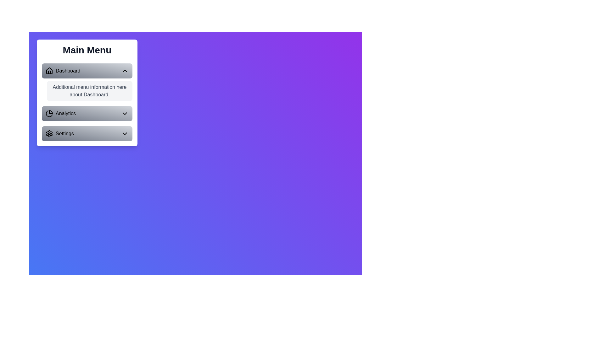  What do you see at coordinates (49, 114) in the screenshot?
I see `the leftmost icon representing the Analytics section of the main menu` at bounding box center [49, 114].